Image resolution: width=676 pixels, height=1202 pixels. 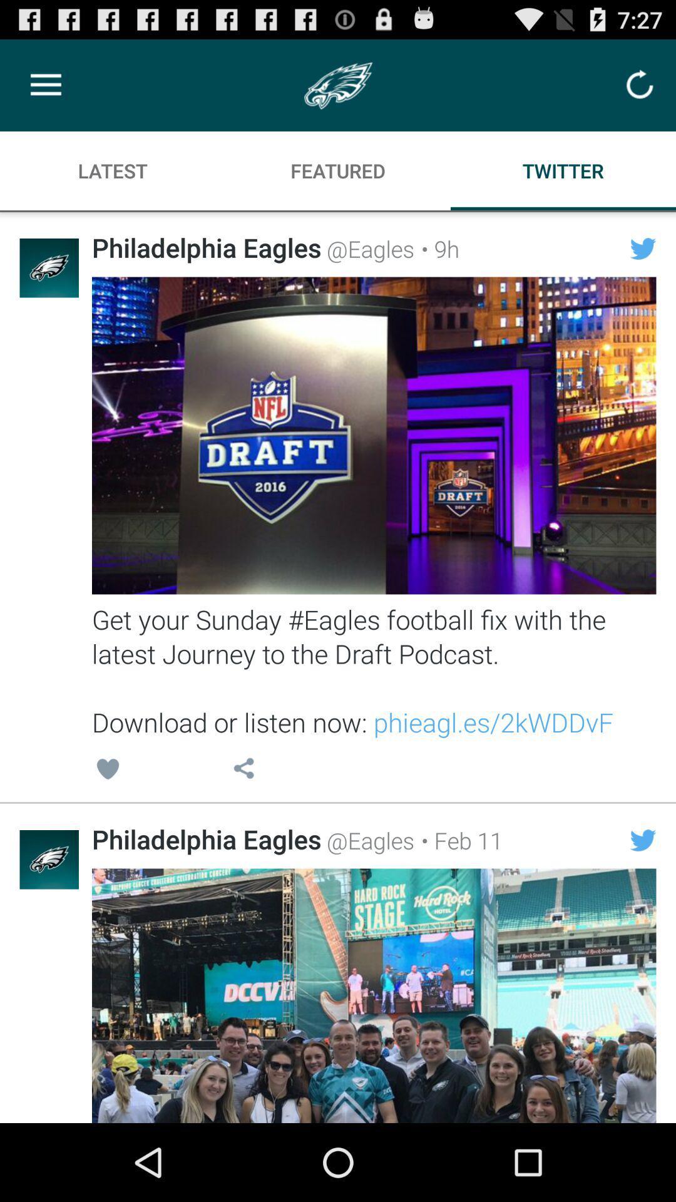 What do you see at coordinates (373, 995) in the screenshot?
I see `scroll down` at bounding box center [373, 995].